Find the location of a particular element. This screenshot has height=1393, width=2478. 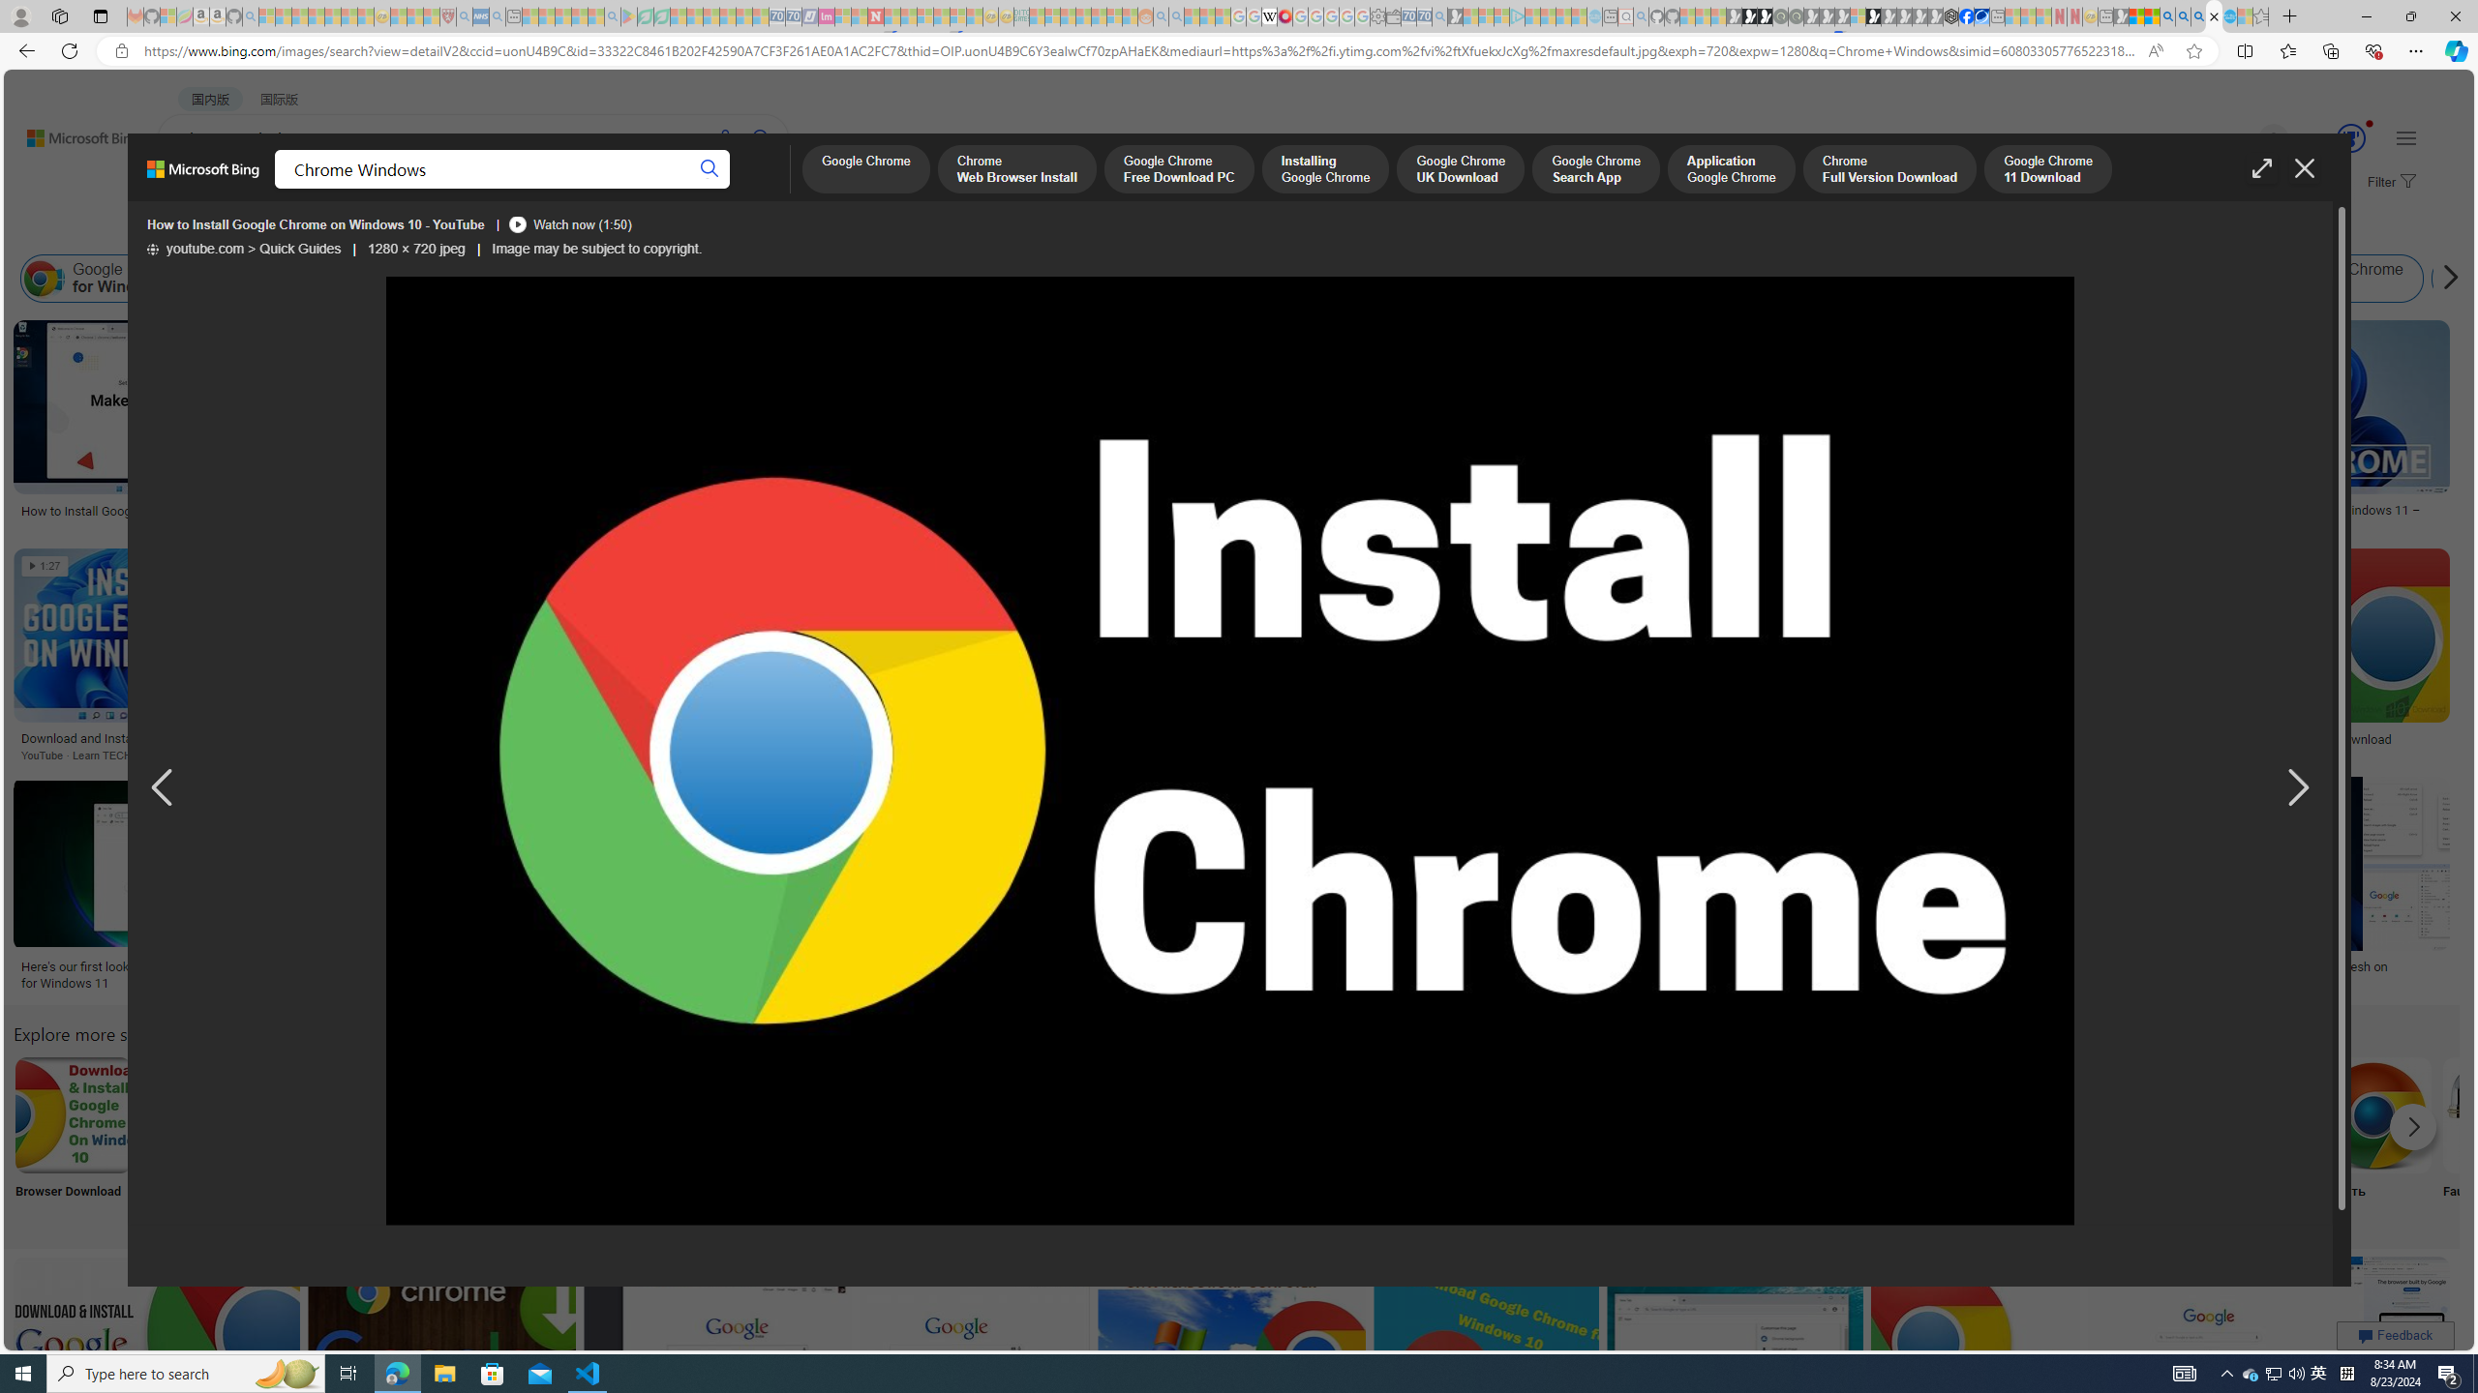

'Microsoft Start Gaming - Sleeping' is located at coordinates (1456, 15).